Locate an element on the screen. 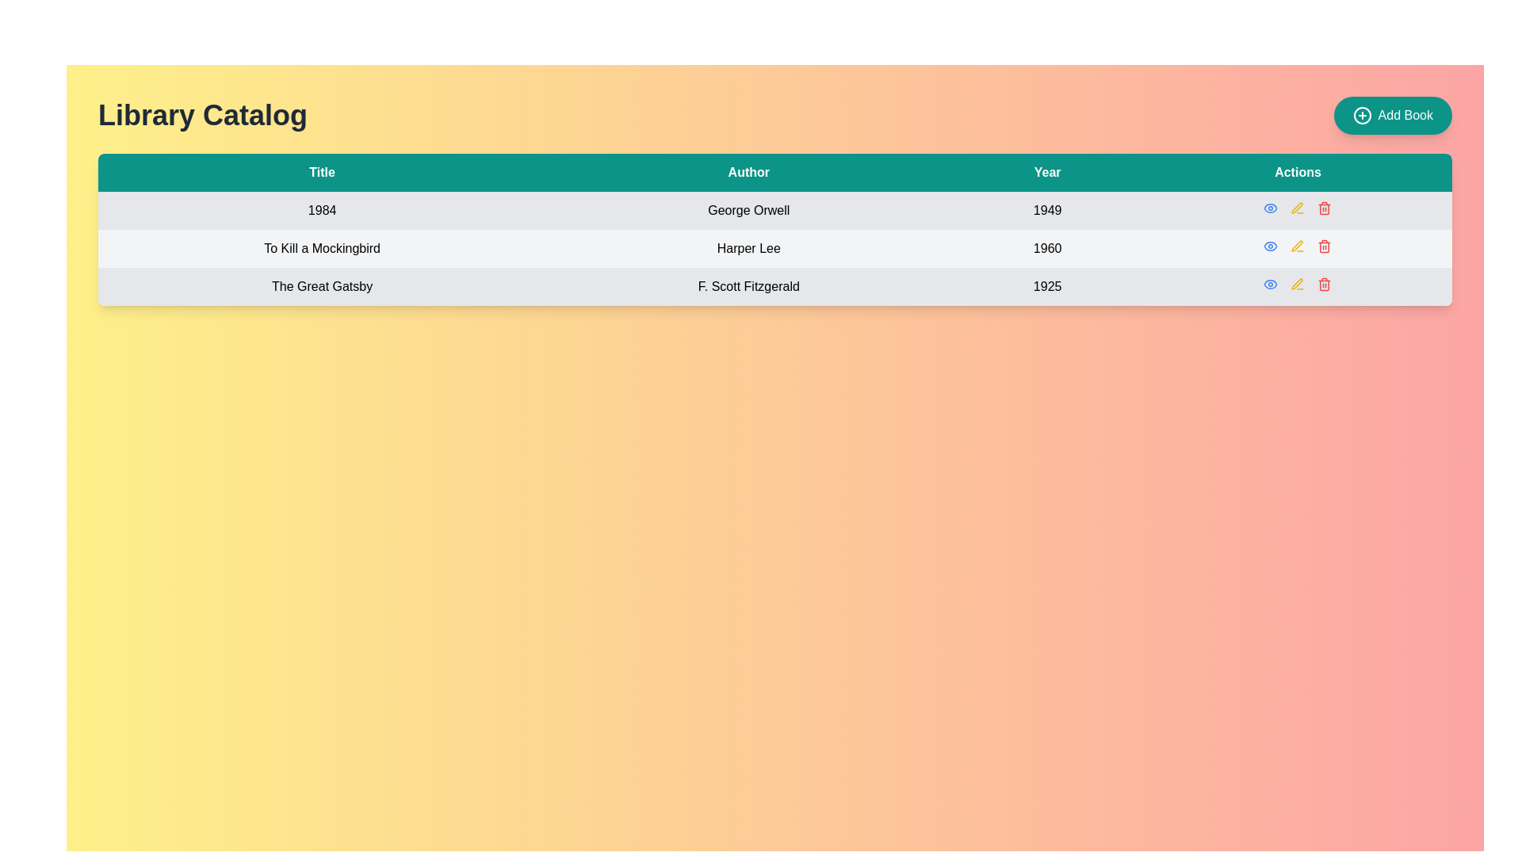  the small blue eye-shaped icon button located in the 'Actions' column of the first row of the table is located at coordinates (1271, 207).